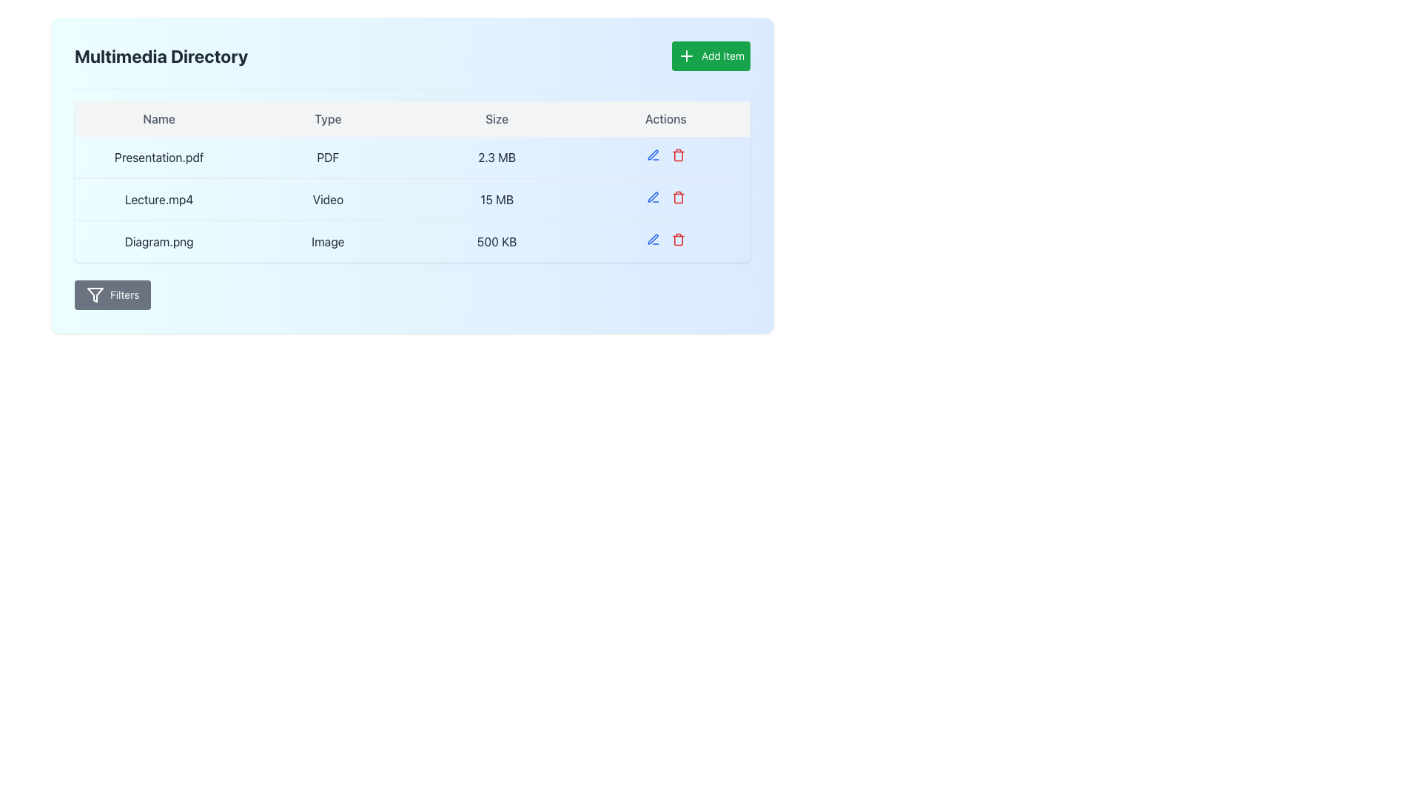 The height and width of the screenshot is (799, 1421). Describe the element at coordinates (327, 240) in the screenshot. I see `the static label displaying the word 'Image' in the second column of the last row of the table corresponding to the file 'Diagram.png'` at that location.